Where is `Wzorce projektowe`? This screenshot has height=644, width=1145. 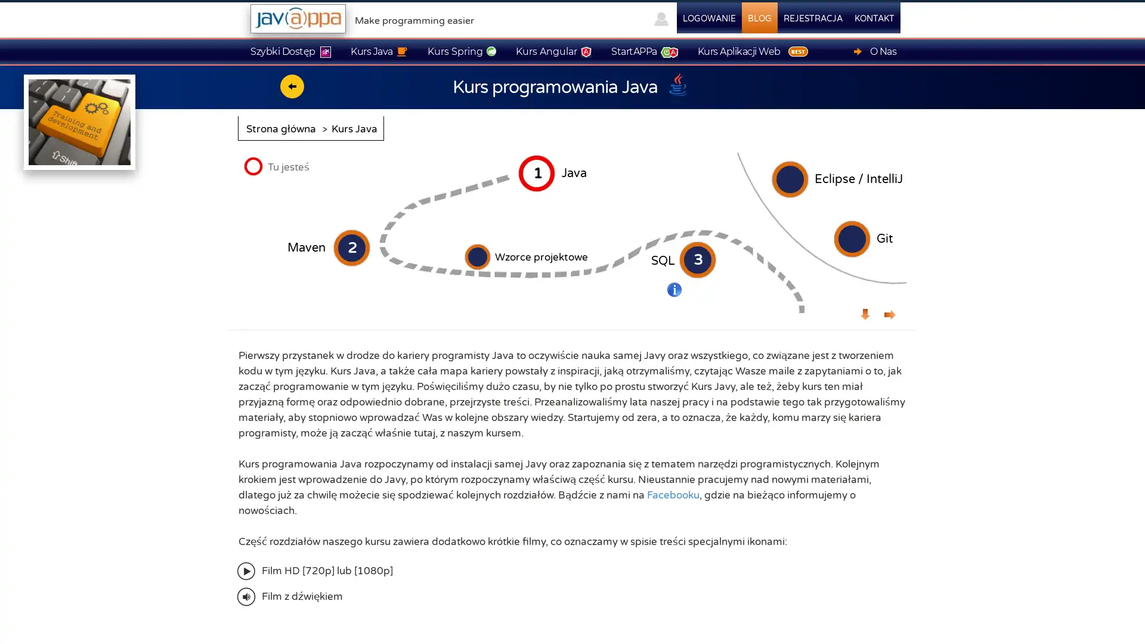
Wzorce projektowe is located at coordinates (537, 257).